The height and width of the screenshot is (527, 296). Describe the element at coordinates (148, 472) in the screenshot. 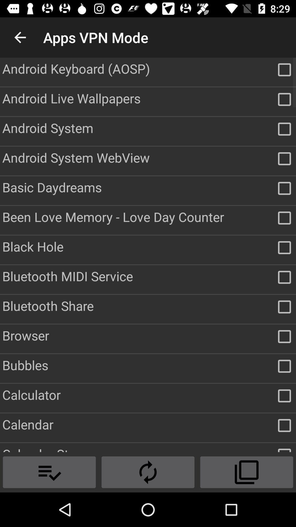

I see `the compare icon` at that location.